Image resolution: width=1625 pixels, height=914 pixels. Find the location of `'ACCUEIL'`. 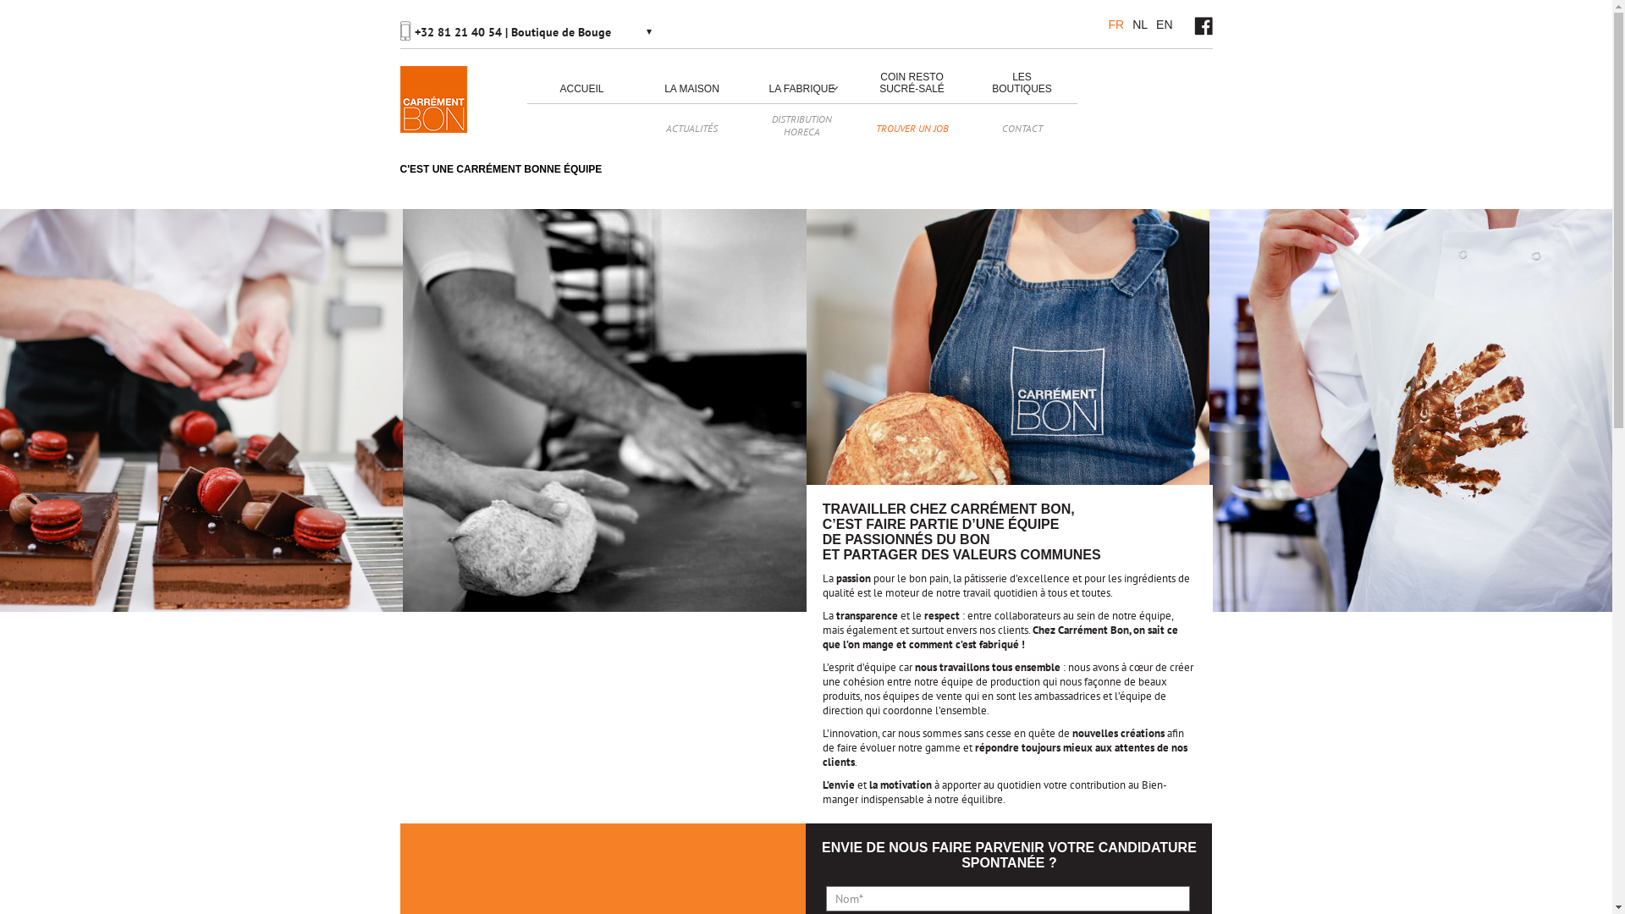

'ACCUEIL' is located at coordinates (581, 85).